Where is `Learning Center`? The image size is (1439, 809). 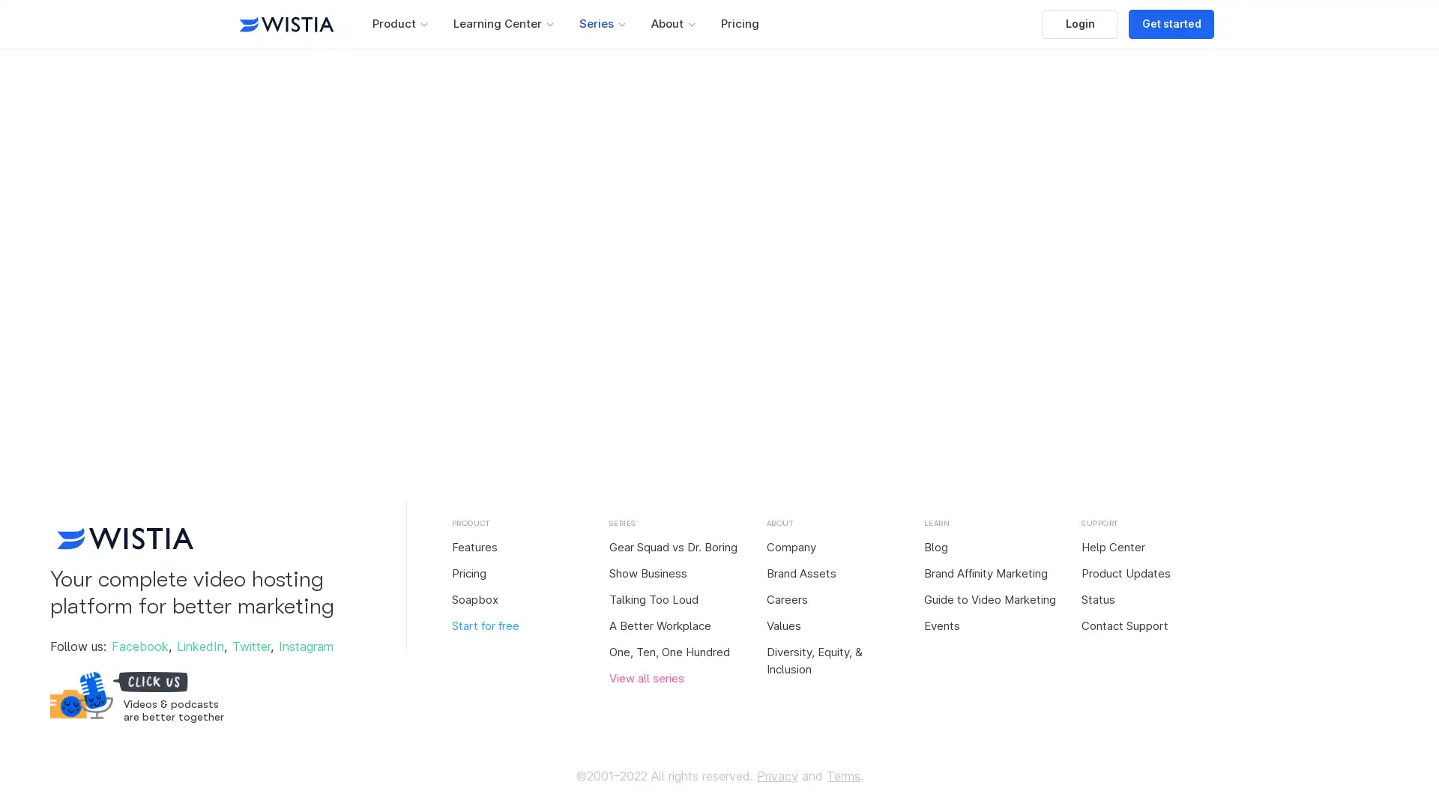
Learning Center is located at coordinates (503, 24).